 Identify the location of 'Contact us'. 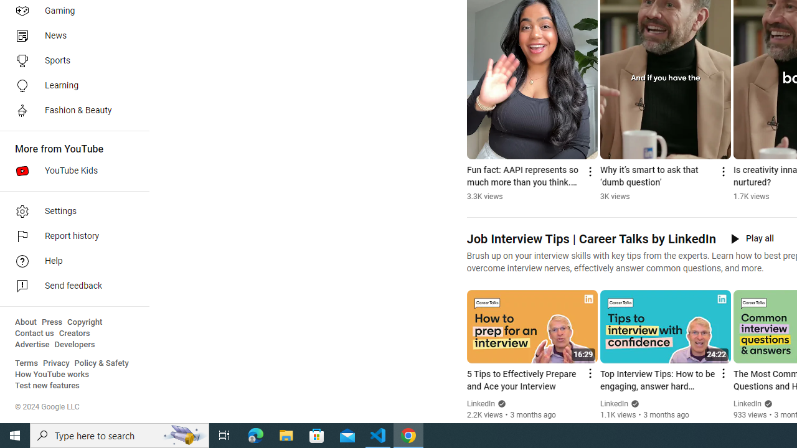
(34, 333).